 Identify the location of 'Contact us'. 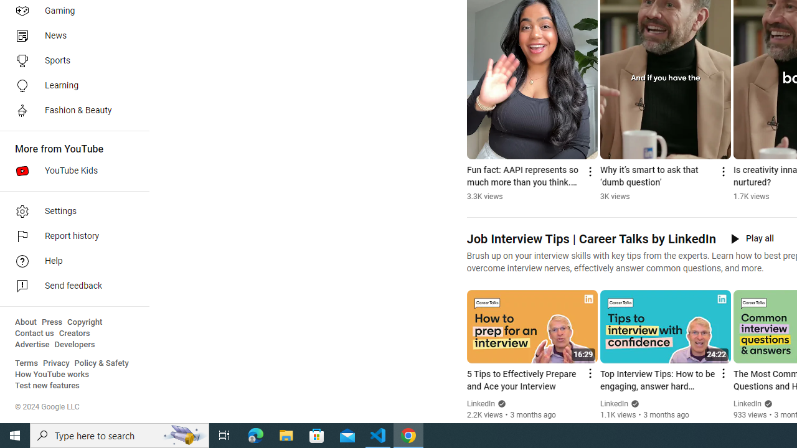
(34, 333).